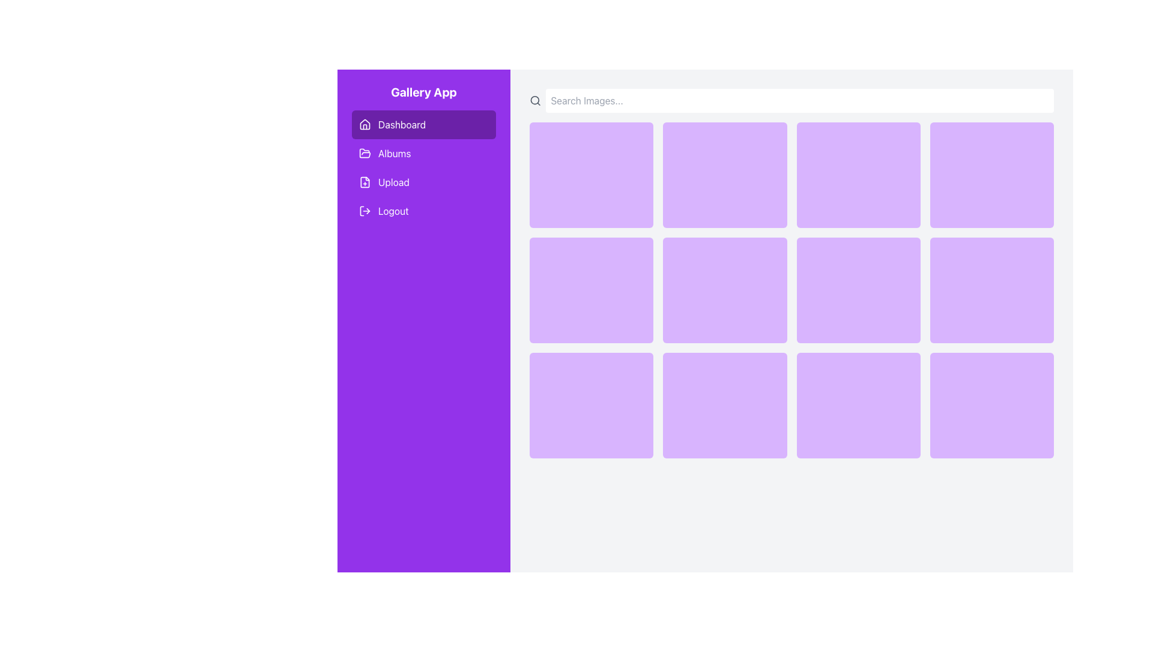 The image size is (1153, 648). I want to click on the visual tile located in the second column of the first row within the grid of purple tiles, so click(724, 175).